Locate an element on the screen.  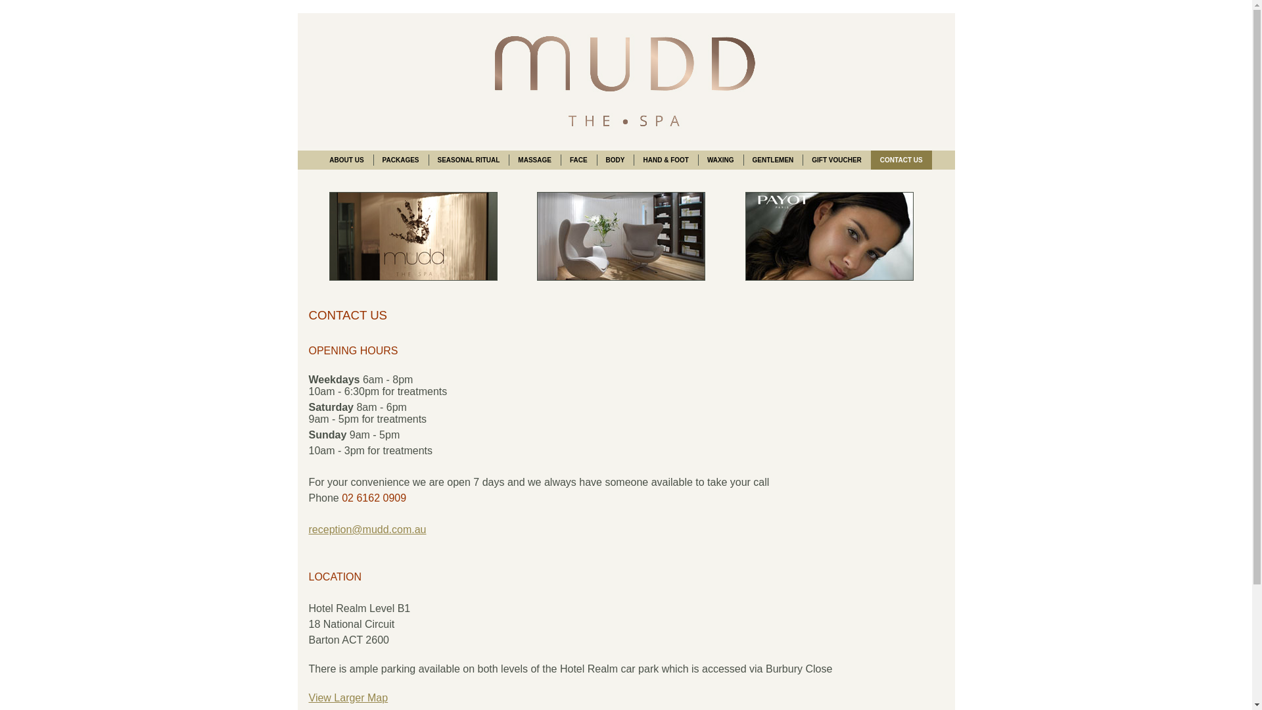
'CONTACT US' is located at coordinates (900, 159).